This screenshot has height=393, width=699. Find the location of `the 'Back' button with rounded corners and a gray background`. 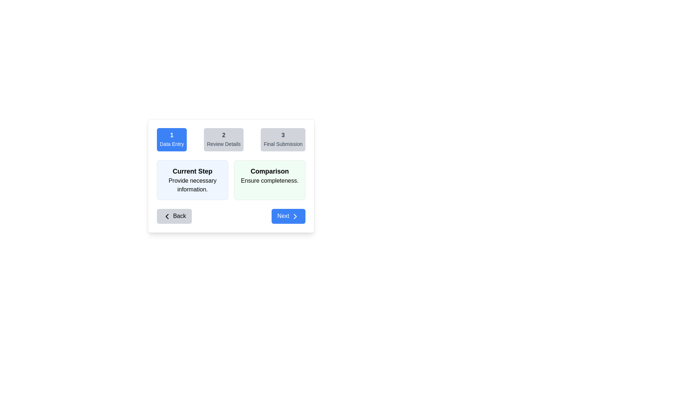

the 'Back' button with rounded corners and a gray background is located at coordinates (174, 216).